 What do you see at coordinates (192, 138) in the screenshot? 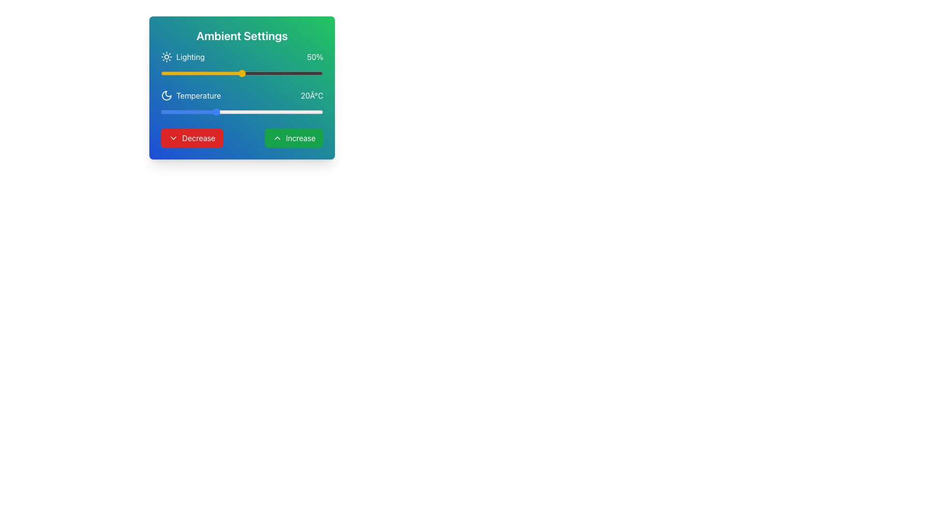
I see `the bright red 'Decrease' button with rounded corners and a downward-pointing chevron icon` at bounding box center [192, 138].